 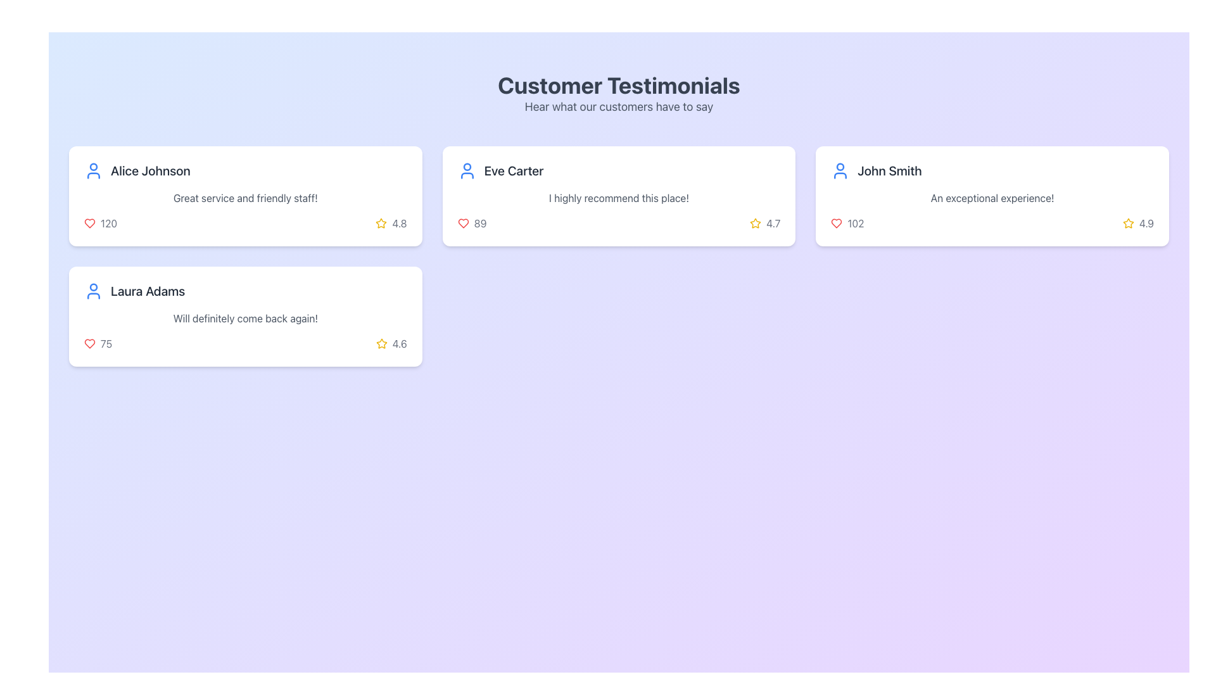 I want to click on the rating display element showing a yellow star icon and the text '4.6', located at the bottom right corner of Laura Adams' card, so click(x=391, y=344).